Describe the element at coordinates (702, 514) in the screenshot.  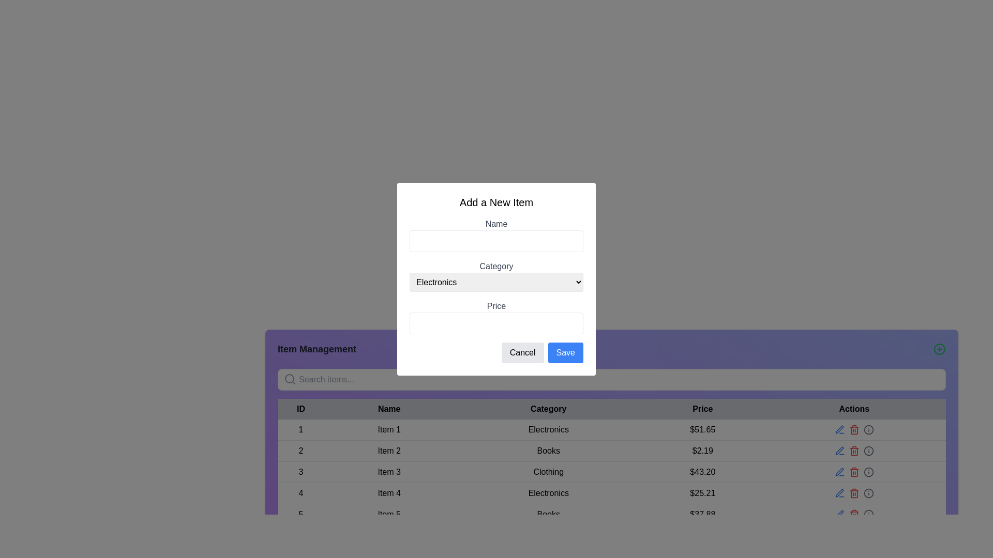
I see `the non-interactive text label displaying the price information for the item in the fifth row of the table, located in the 'Price' column` at that location.